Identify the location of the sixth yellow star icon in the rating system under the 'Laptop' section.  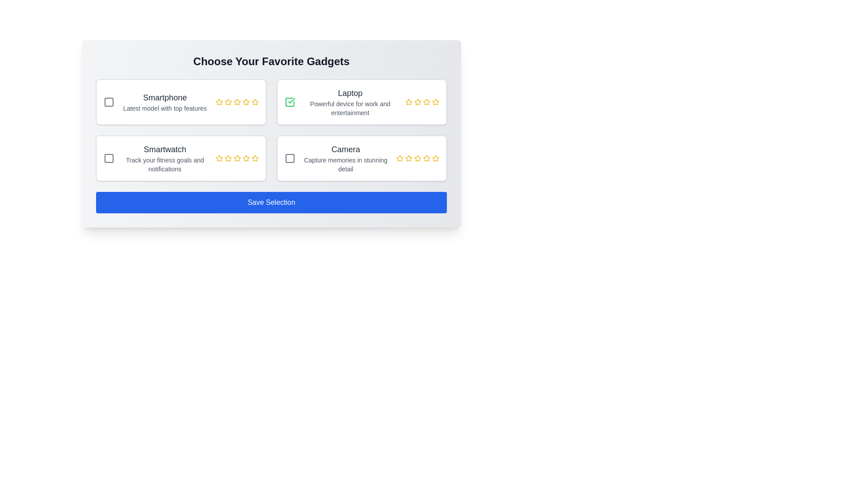
(435, 101).